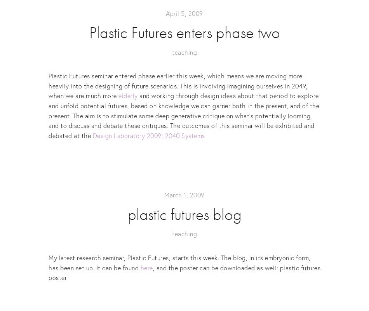  I want to click on 'elderly', so click(127, 95).